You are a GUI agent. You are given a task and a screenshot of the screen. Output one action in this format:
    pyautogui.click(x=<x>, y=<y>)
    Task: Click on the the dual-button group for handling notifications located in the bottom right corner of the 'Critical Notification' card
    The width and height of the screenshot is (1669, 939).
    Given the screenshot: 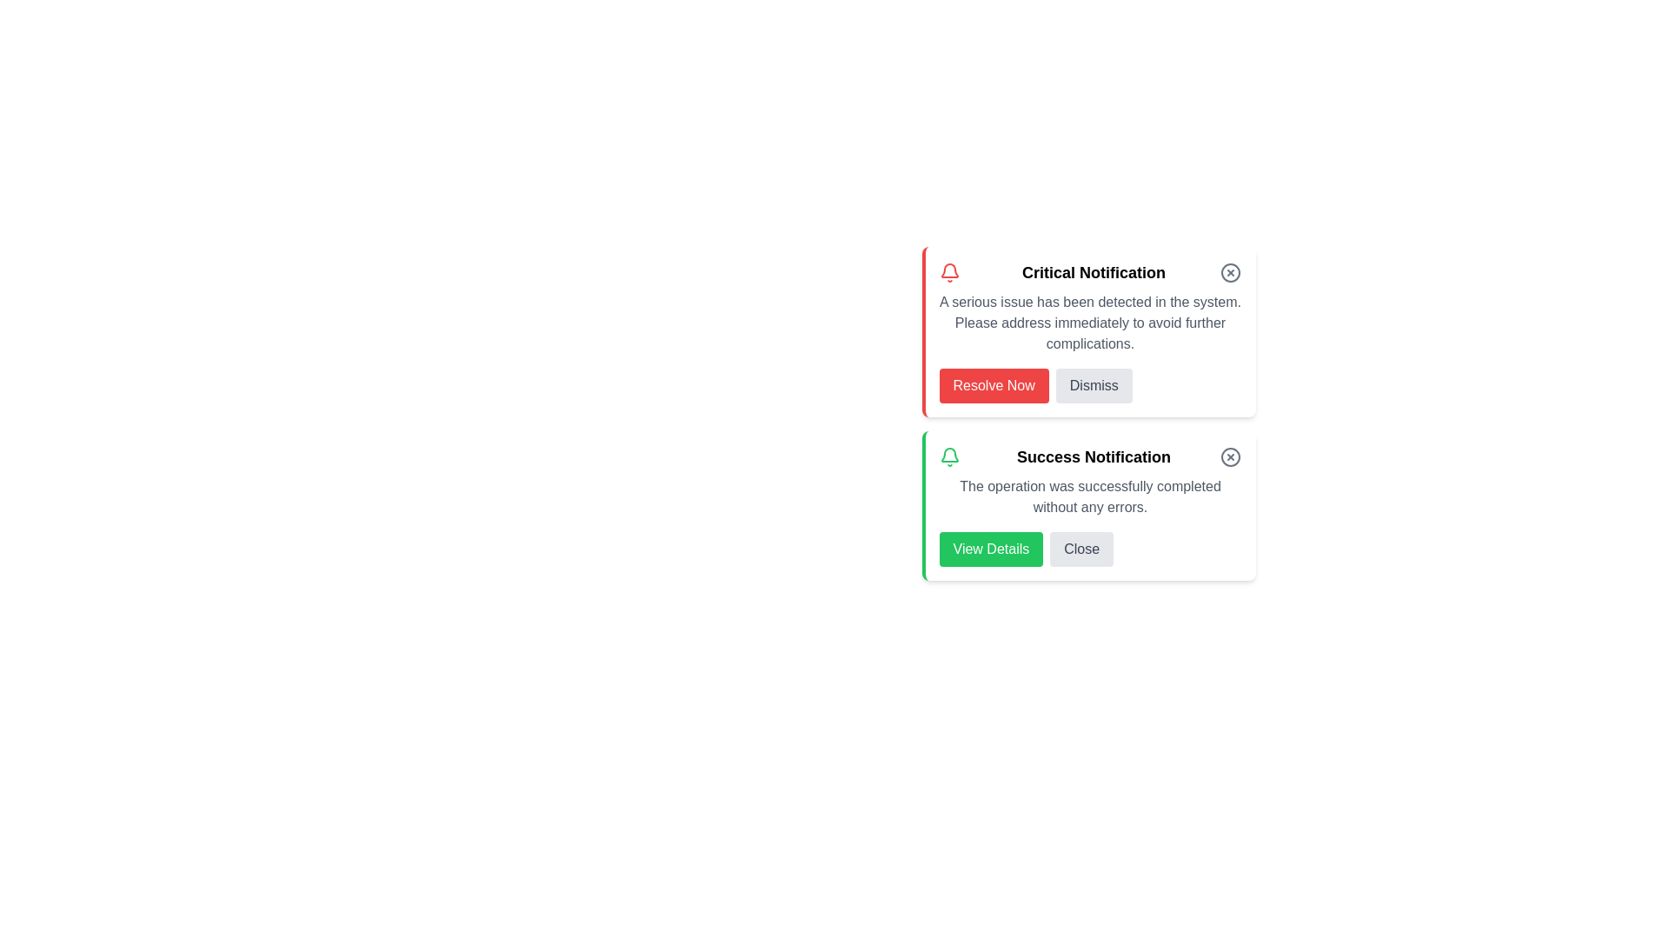 What is the action you would take?
    pyautogui.click(x=1089, y=384)
    